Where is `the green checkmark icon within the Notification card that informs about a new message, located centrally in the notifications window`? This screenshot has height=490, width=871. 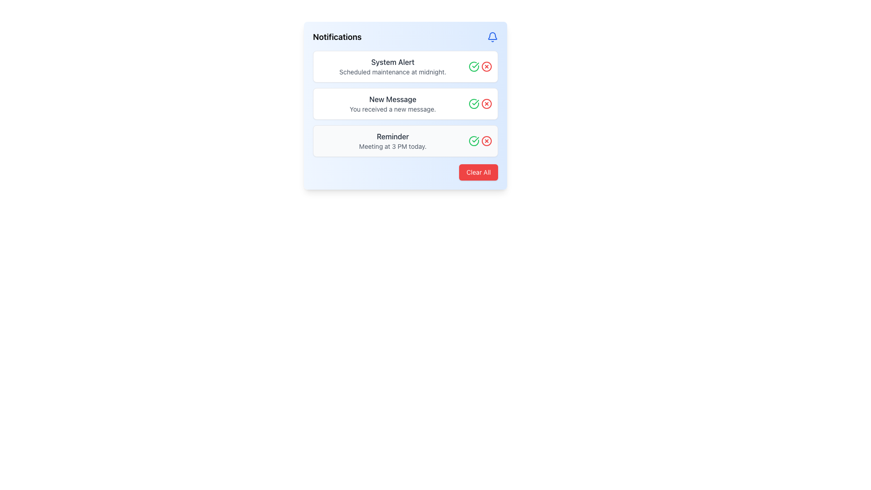 the green checkmark icon within the Notification card that informs about a new message, located centrally in the notifications window is located at coordinates (405, 103).